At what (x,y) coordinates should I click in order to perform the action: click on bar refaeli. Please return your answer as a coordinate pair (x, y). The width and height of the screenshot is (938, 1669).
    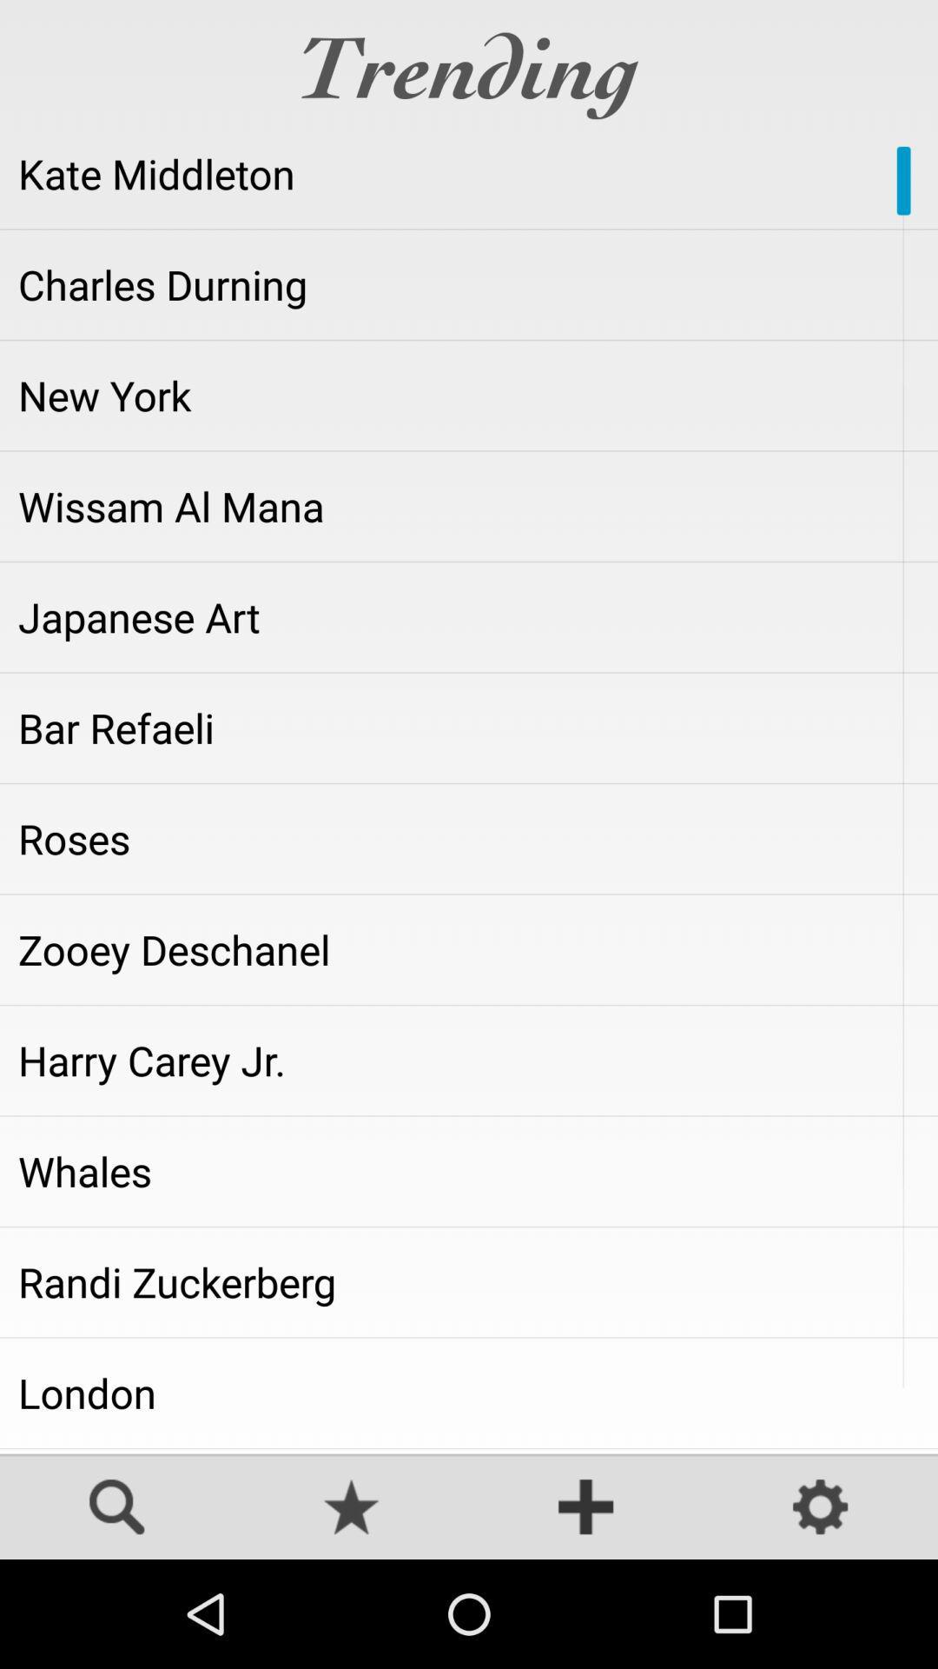
    Looking at the image, I should click on (469, 728).